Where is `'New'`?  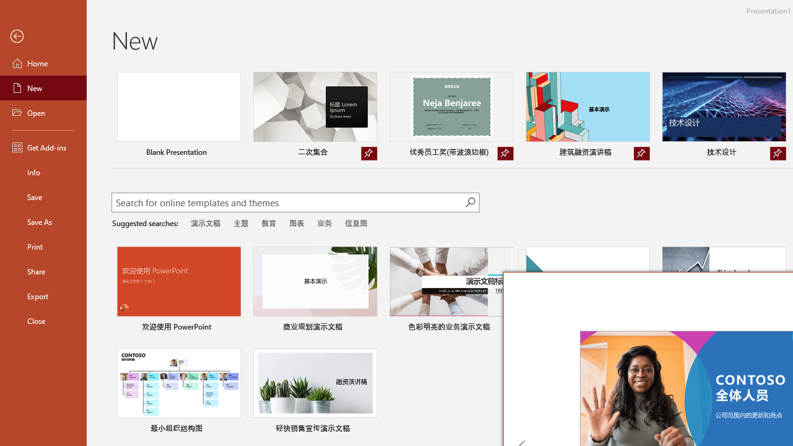
'New' is located at coordinates (43, 87).